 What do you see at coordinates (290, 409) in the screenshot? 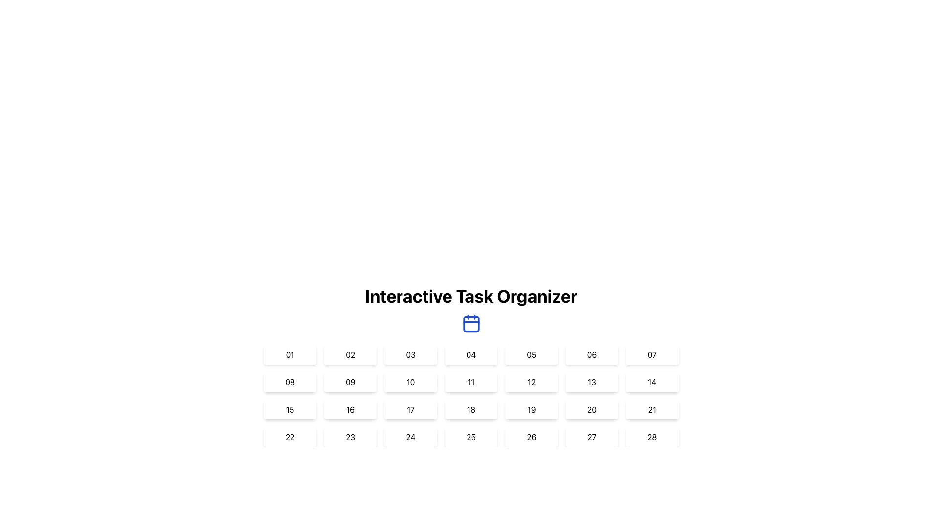
I see `the button with the number '15' displayed in bold black text, which is a square card with a rounded border and light gray background, to provide visual feedback` at bounding box center [290, 409].